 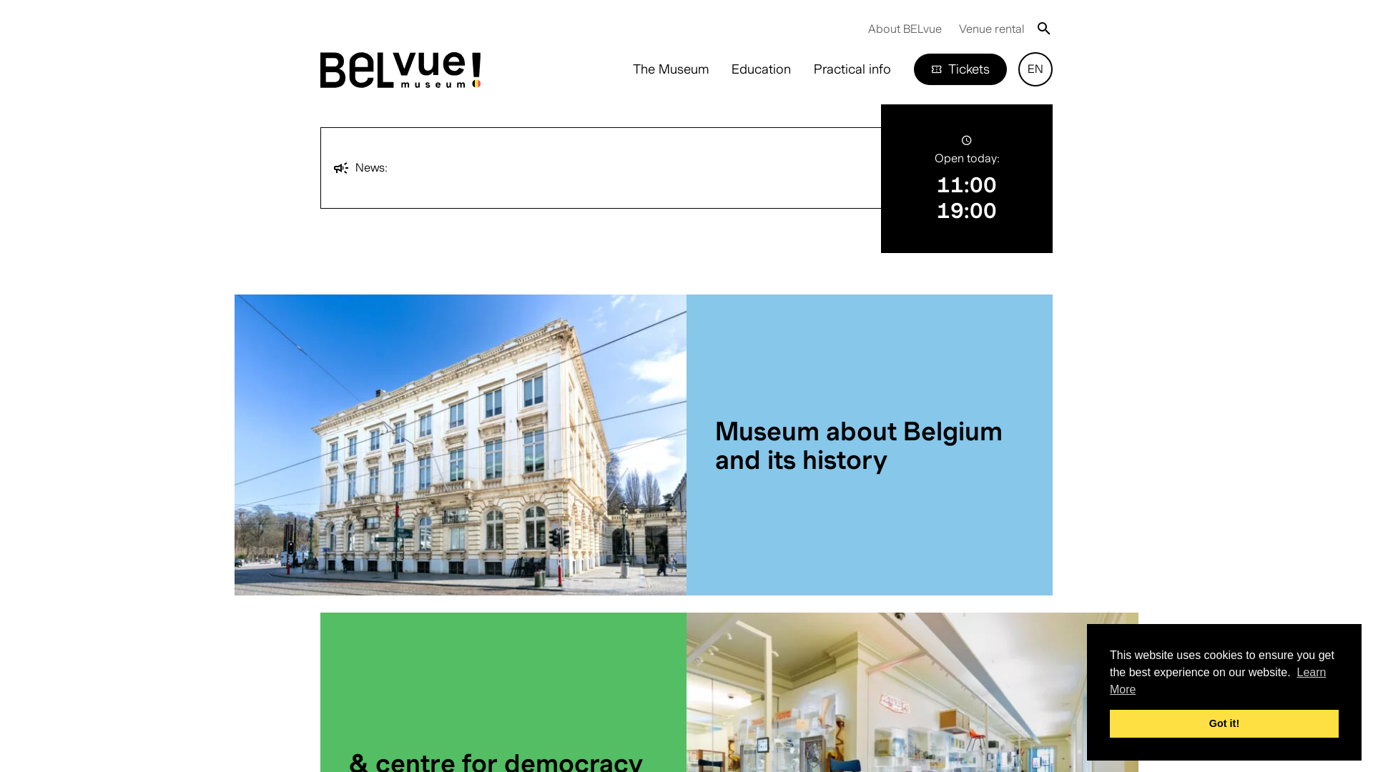 I want to click on 'Venue rental', so click(x=990, y=28).